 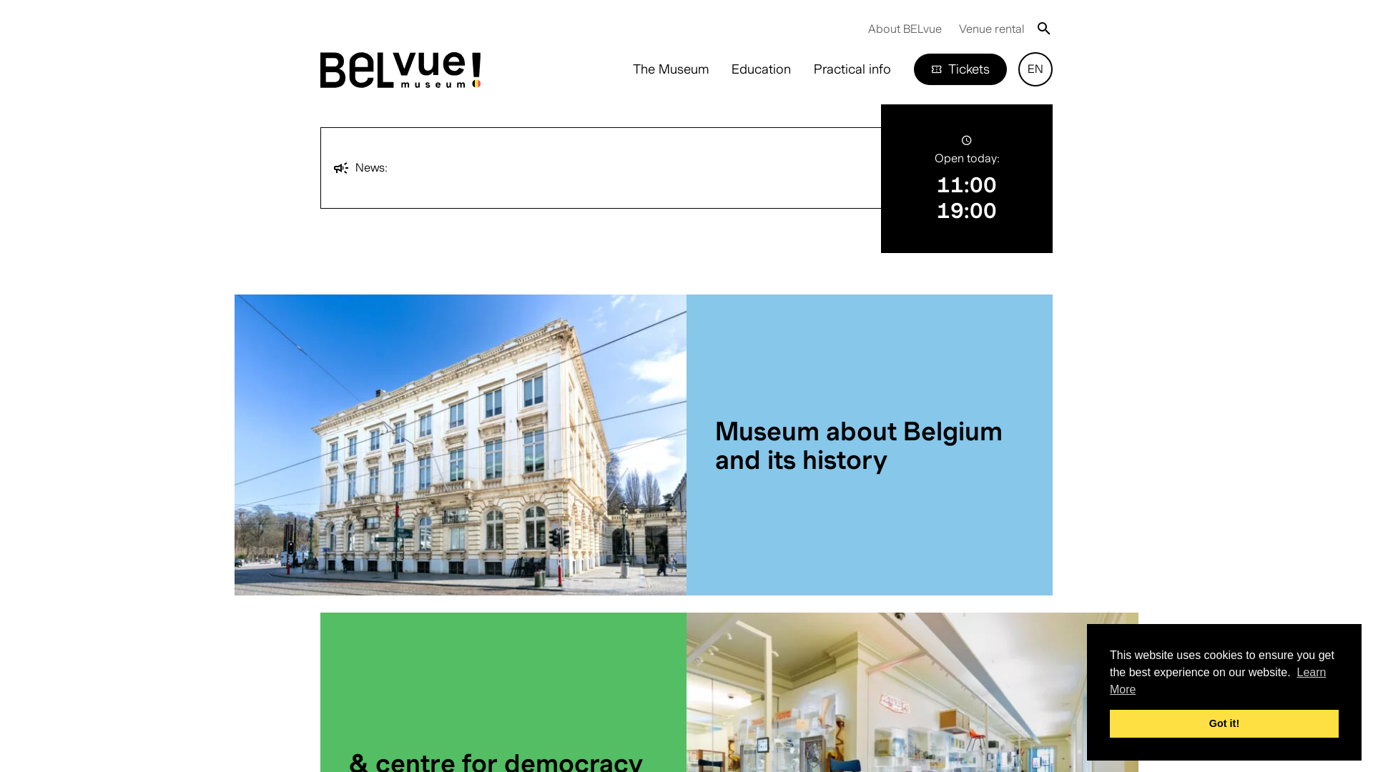 I want to click on 'Venue rental', so click(x=990, y=28).